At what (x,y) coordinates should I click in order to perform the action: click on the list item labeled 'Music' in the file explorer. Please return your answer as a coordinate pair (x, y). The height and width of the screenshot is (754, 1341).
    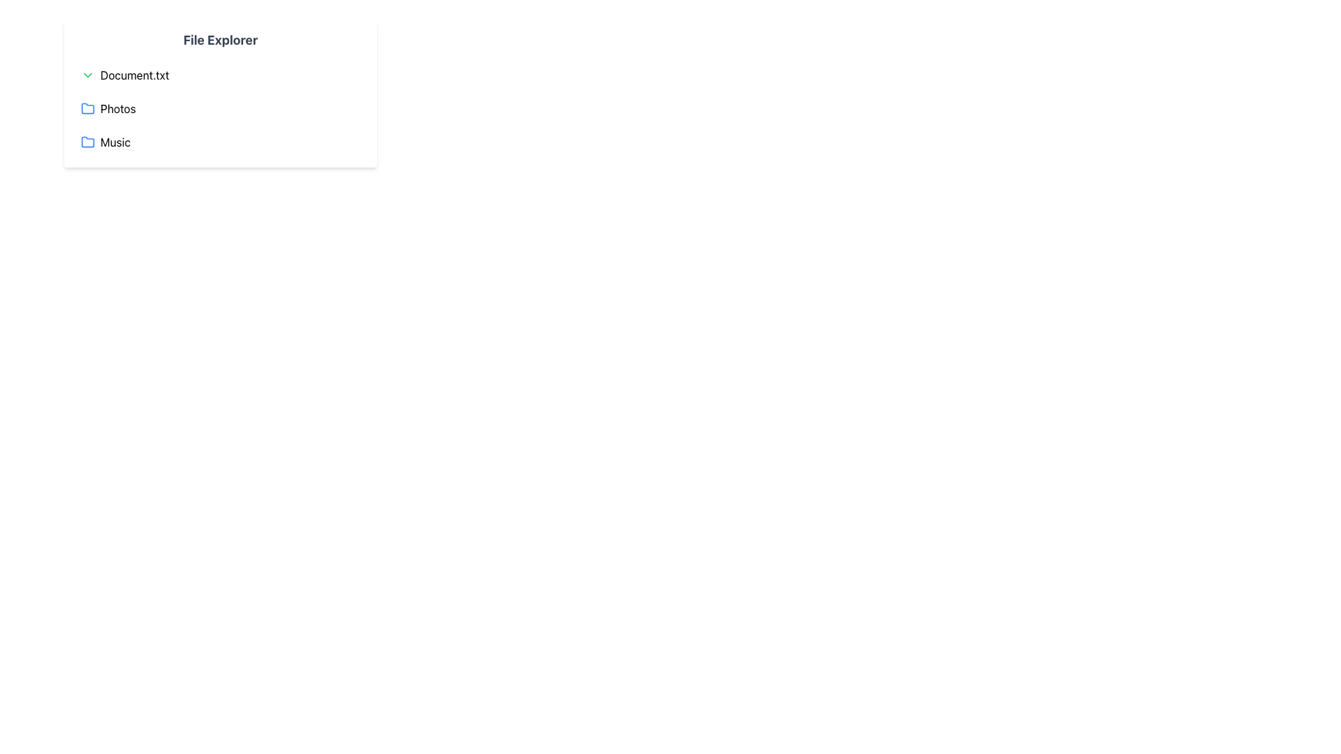
    Looking at the image, I should click on (220, 142).